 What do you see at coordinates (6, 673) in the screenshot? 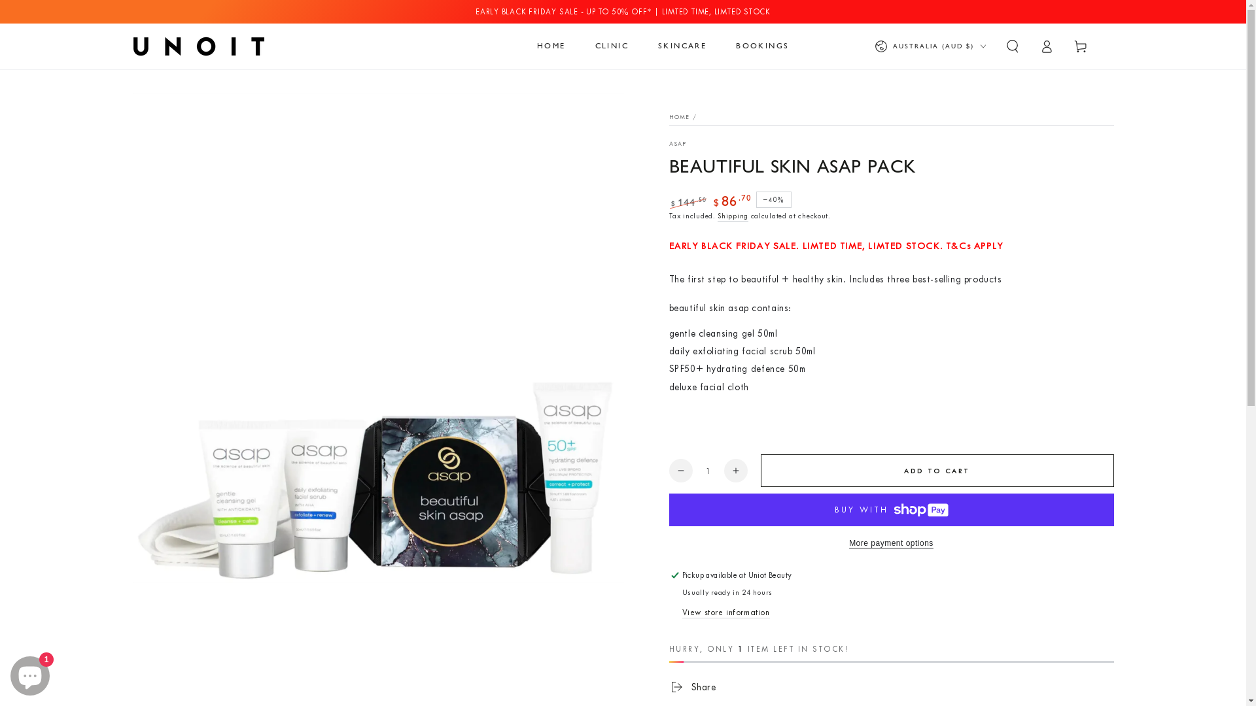
I see `'Shopify online store chat'` at bounding box center [6, 673].